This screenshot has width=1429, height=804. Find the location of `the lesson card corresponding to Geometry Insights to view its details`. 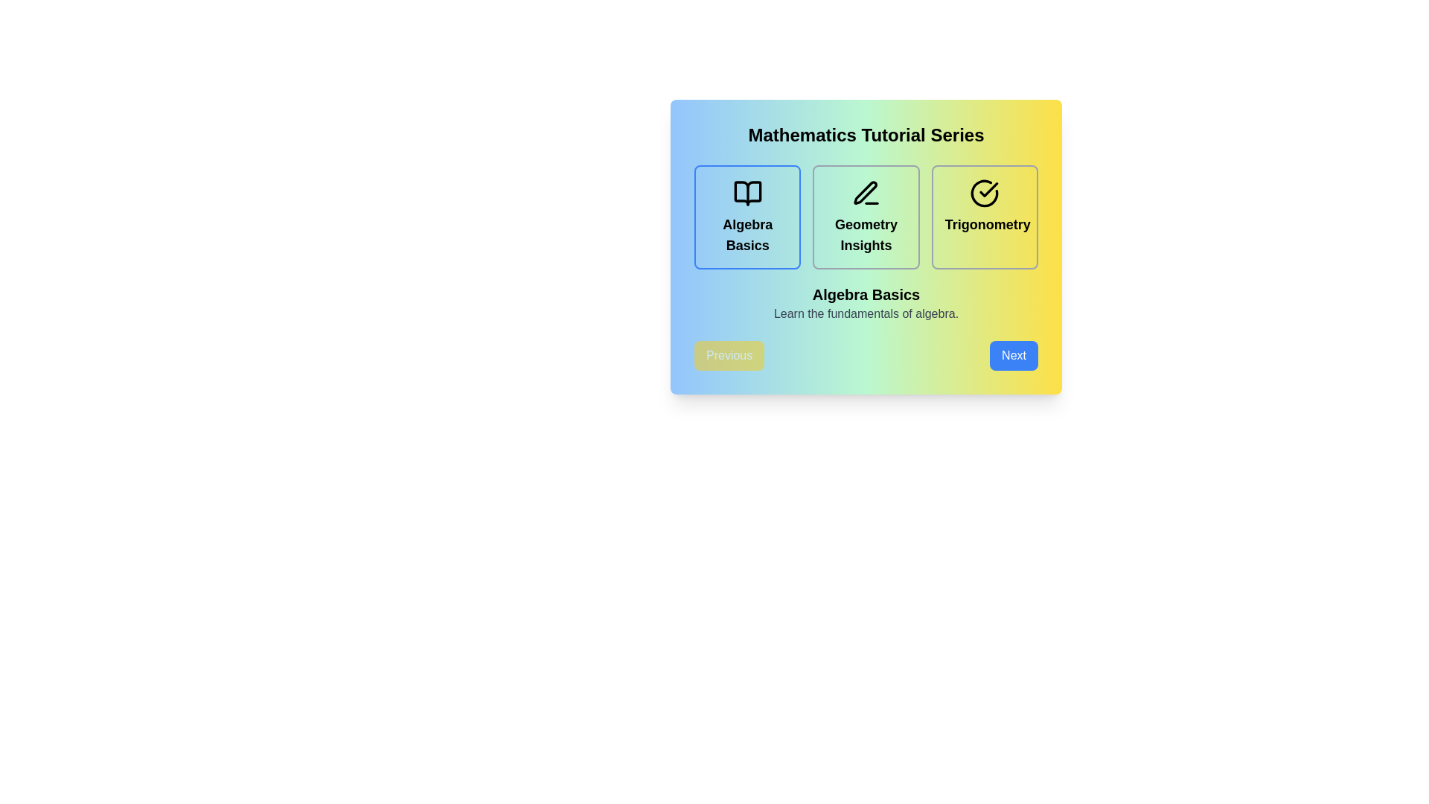

the lesson card corresponding to Geometry Insights to view its details is located at coordinates (866, 217).